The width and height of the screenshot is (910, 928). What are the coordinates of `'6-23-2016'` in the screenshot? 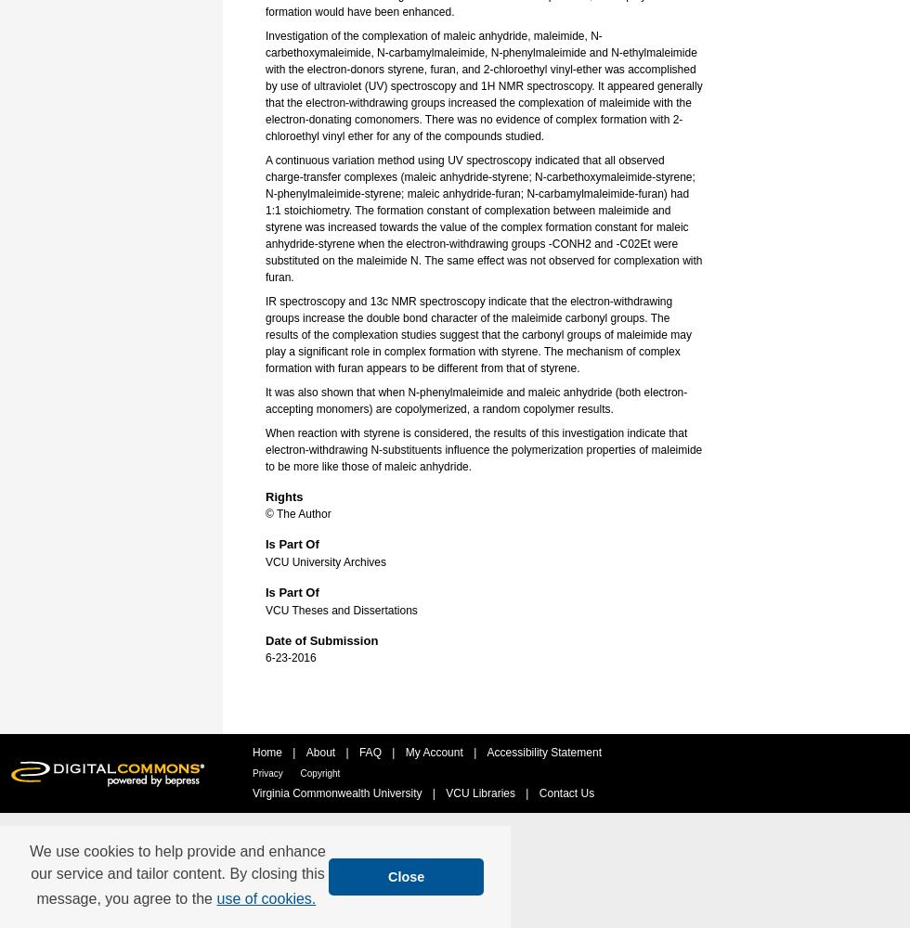 It's located at (291, 657).